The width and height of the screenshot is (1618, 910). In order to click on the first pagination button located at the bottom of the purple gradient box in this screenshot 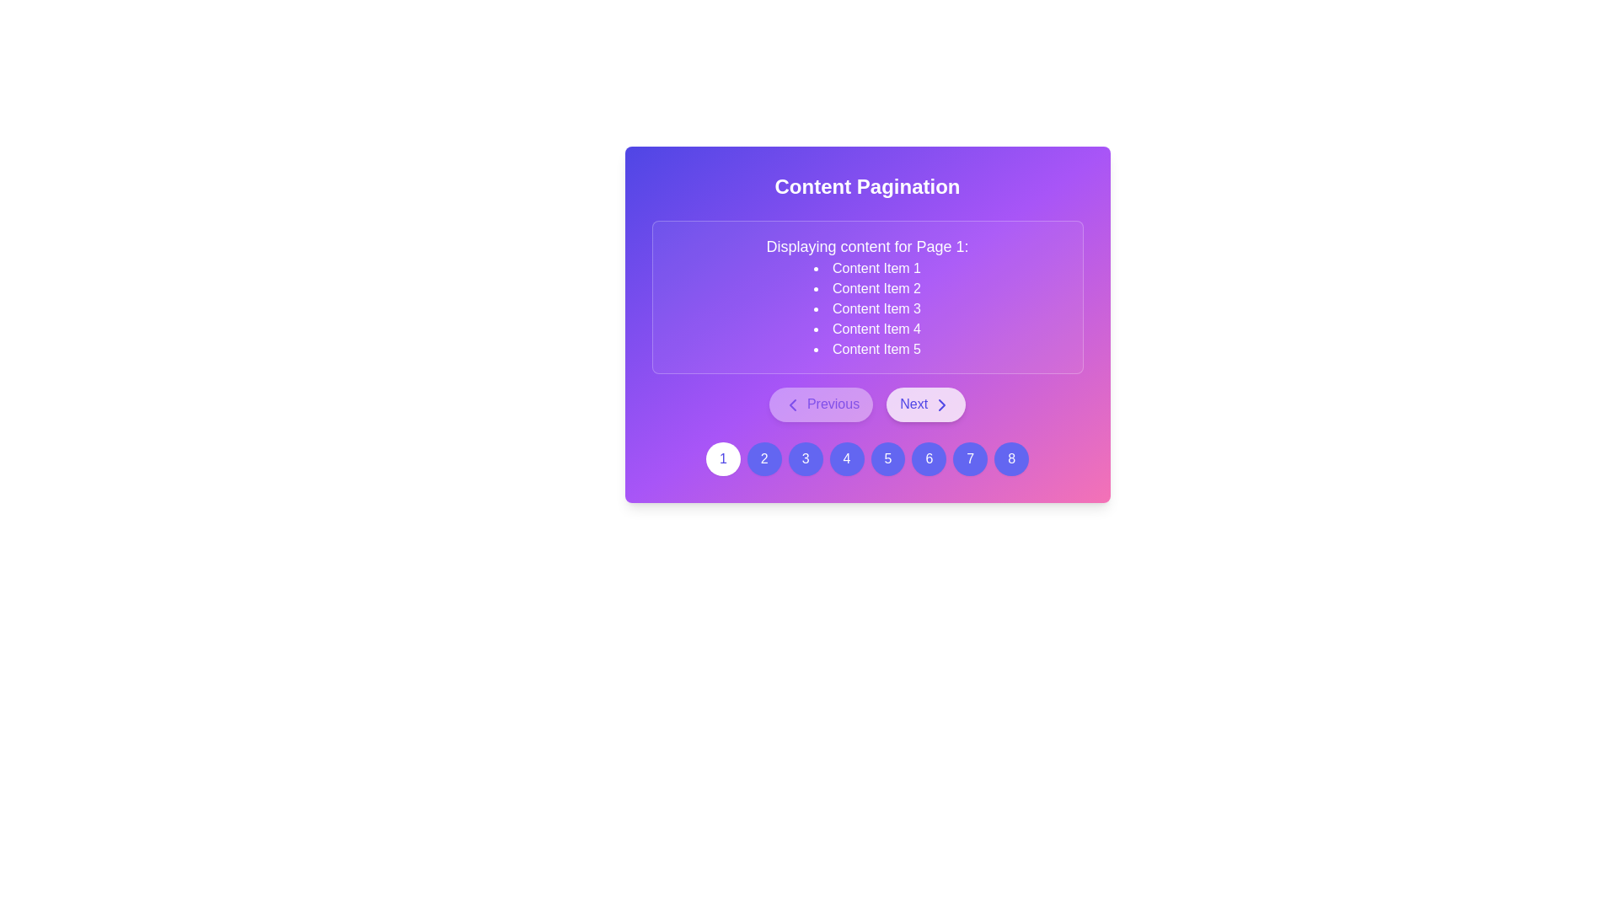, I will do `click(723, 458)`.